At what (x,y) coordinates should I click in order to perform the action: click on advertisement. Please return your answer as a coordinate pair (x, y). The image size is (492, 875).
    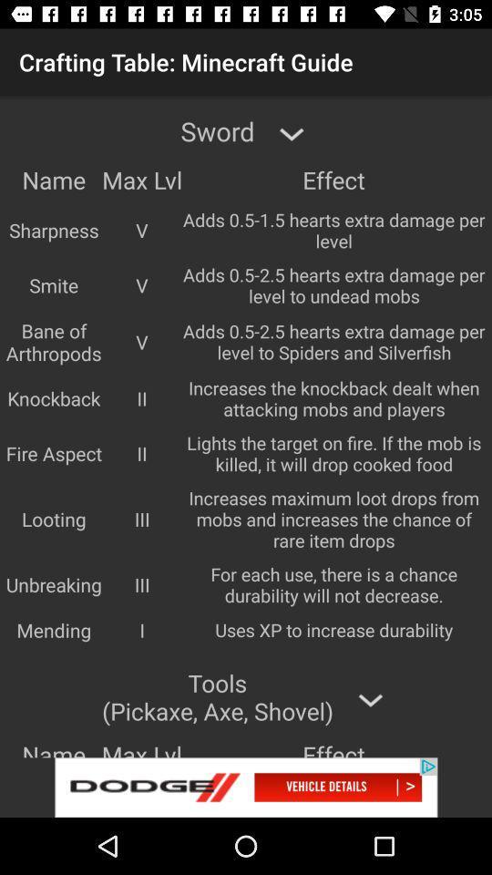
    Looking at the image, I should click on (246, 787).